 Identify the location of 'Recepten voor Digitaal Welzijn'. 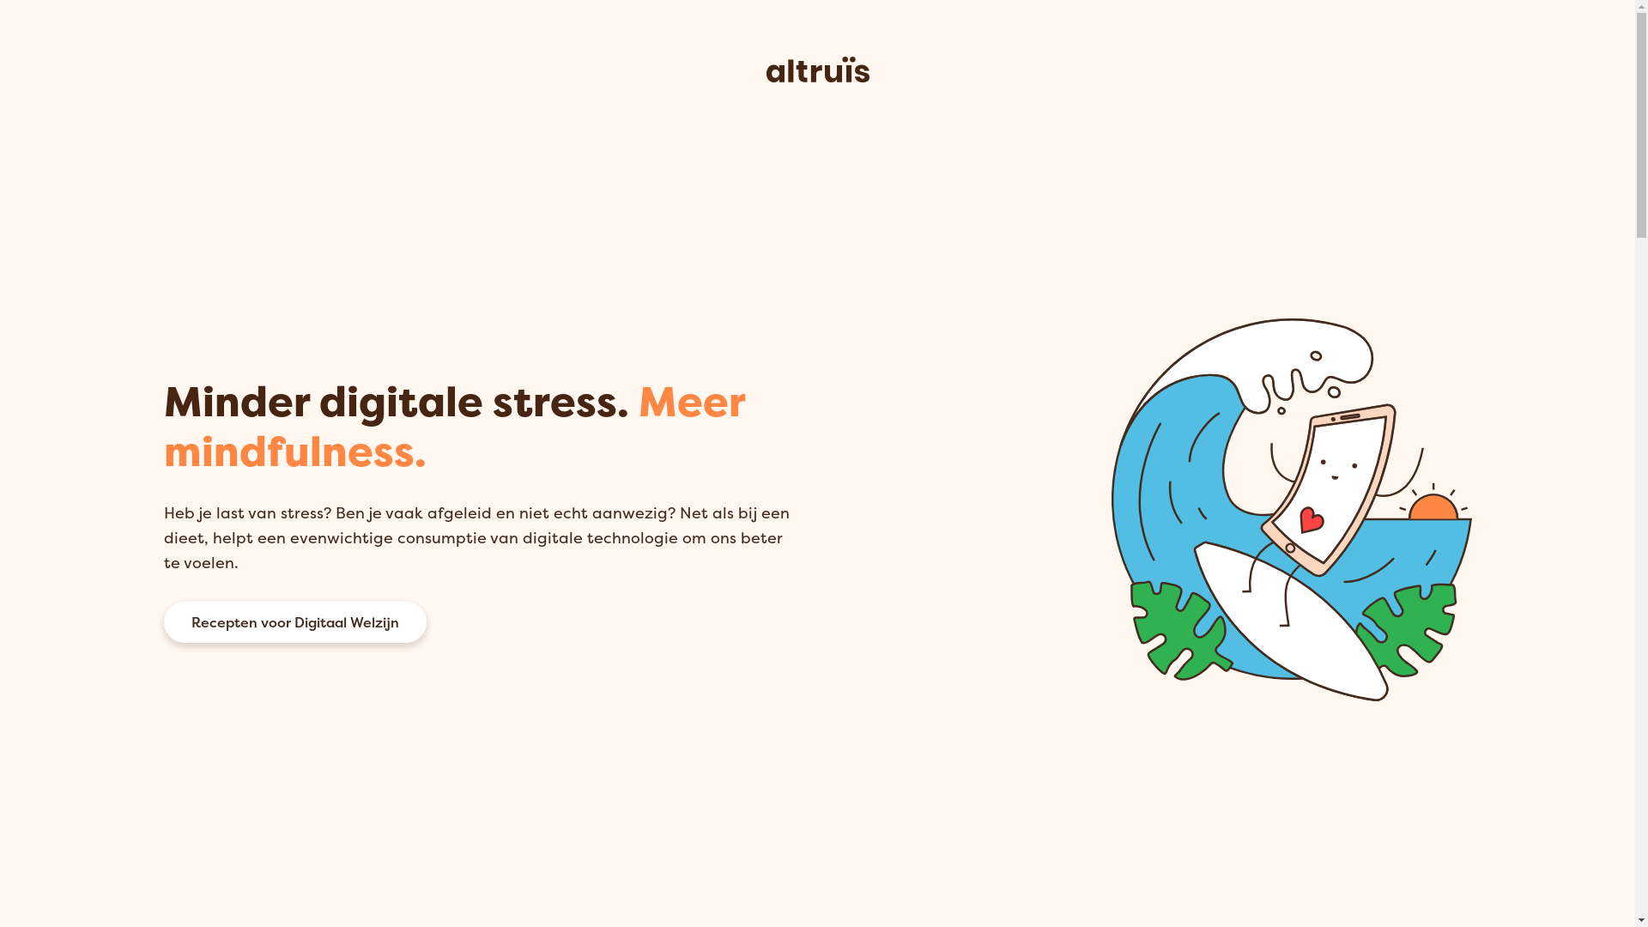
(294, 622).